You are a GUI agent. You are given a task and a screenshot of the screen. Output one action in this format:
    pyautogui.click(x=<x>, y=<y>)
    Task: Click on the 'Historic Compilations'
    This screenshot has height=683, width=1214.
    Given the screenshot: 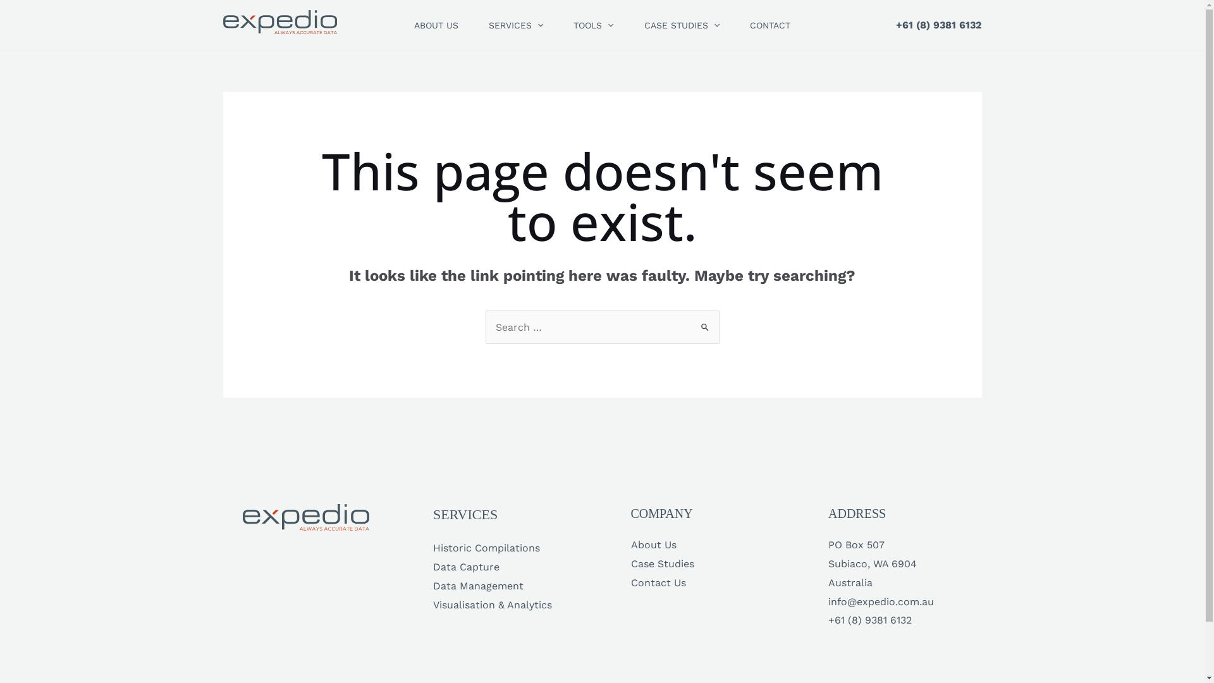 What is the action you would take?
    pyautogui.click(x=486, y=547)
    